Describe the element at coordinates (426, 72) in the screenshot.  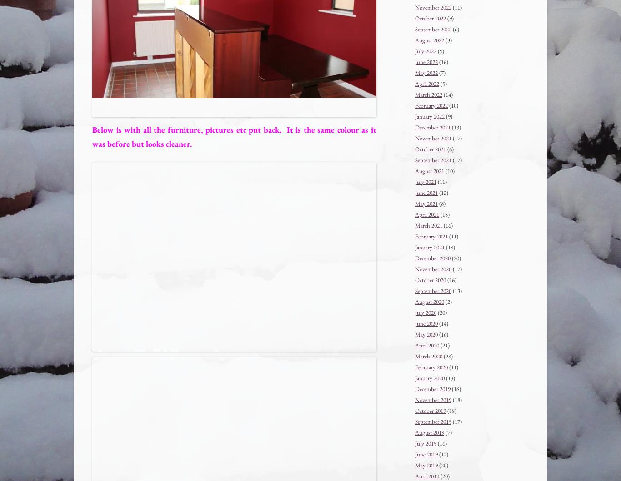
I see `'May 2022'` at that location.